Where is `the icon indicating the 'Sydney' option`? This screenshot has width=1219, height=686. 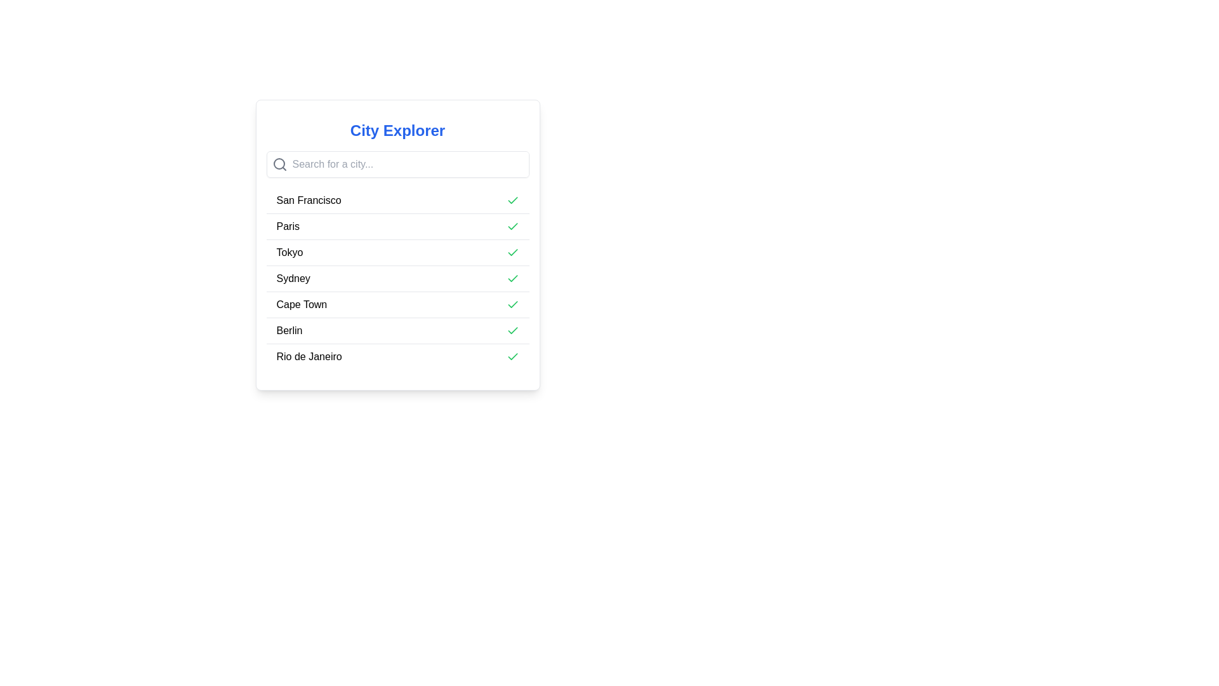 the icon indicating the 'Sydney' option is located at coordinates (512, 278).